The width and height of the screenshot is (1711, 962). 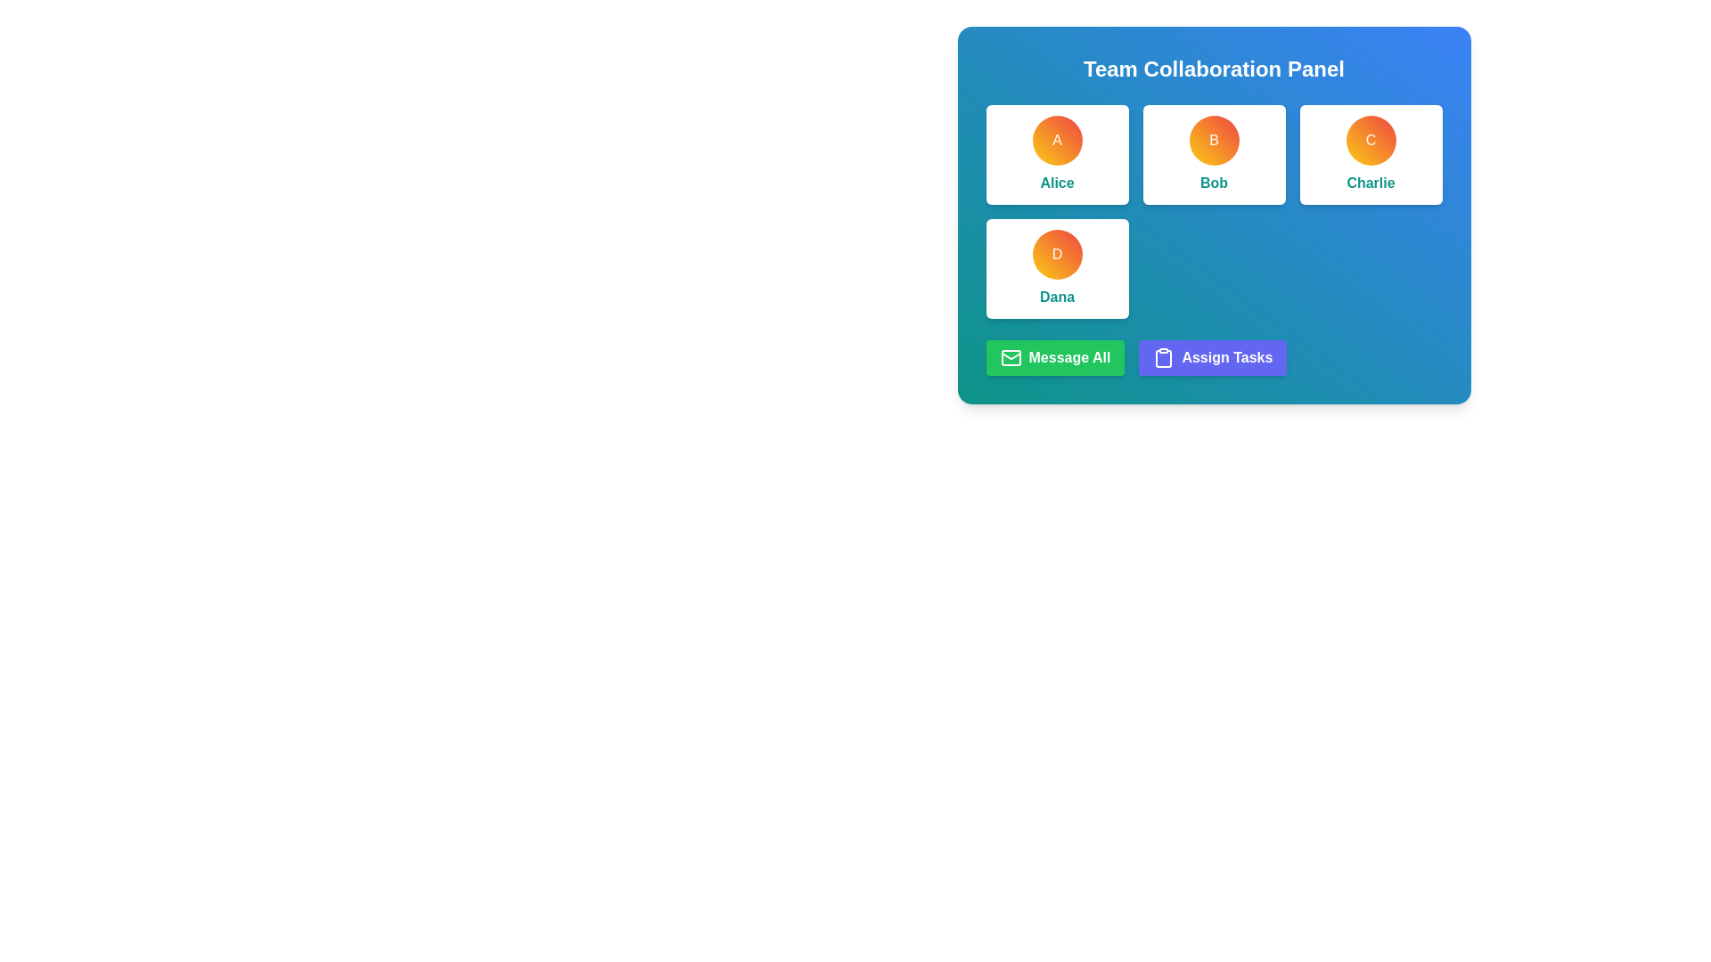 What do you see at coordinates (1057, 183) in the screenshot?
I see `the static text element displaying 'Alice', which is styled in bold teal font and located beneath a circular orange gradient background containing the letter 'A'` at bounding box center [1057, 183].